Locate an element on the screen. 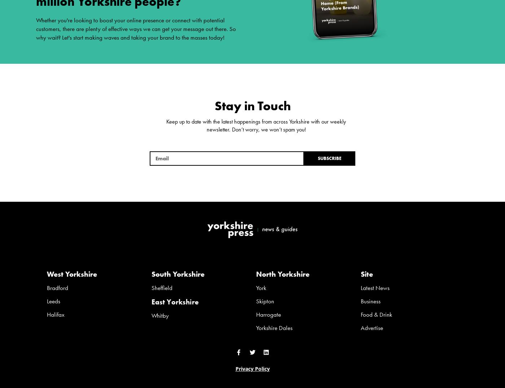 The height and width of the screenshot is (388, 505). 'Business' is located at coordinates (370, 300).